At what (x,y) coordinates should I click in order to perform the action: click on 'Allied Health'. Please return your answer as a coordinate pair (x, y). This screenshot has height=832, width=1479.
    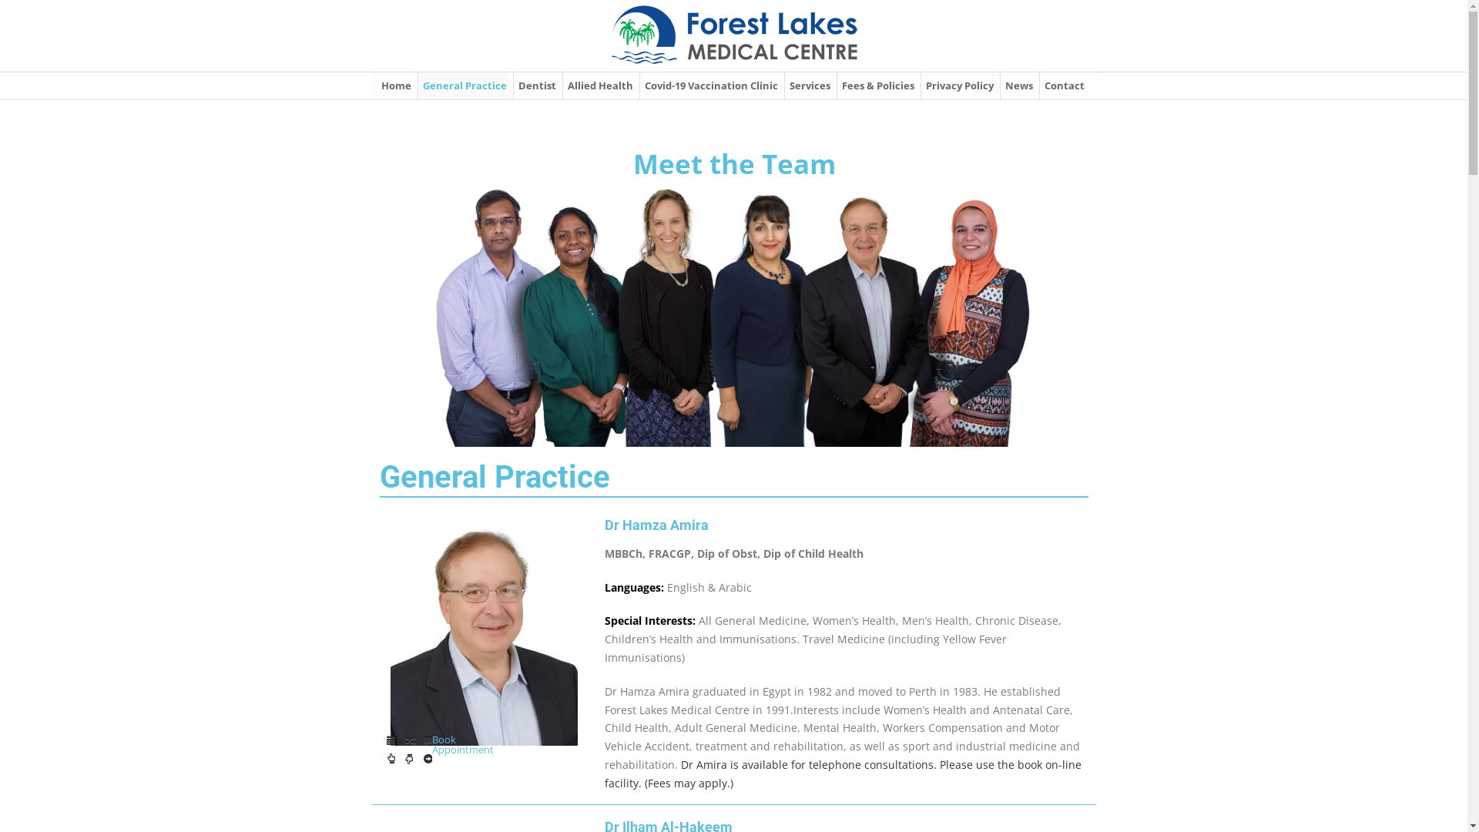
    Looking at the image, I should click on (599, 86).